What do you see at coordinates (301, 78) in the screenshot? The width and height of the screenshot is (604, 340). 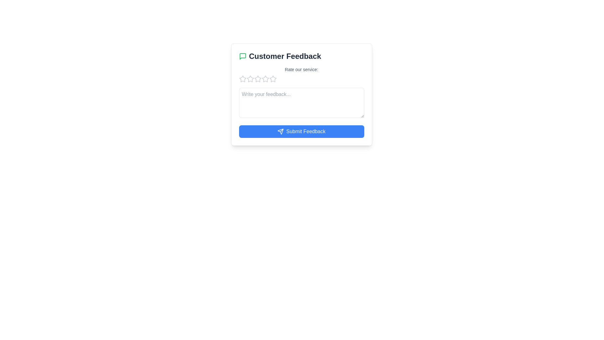 I see `one of the star icons in the Rating widget to indicate a rating for the service, which is centered beneath the title 'Rate our service'` at bounding box center [301, 78].